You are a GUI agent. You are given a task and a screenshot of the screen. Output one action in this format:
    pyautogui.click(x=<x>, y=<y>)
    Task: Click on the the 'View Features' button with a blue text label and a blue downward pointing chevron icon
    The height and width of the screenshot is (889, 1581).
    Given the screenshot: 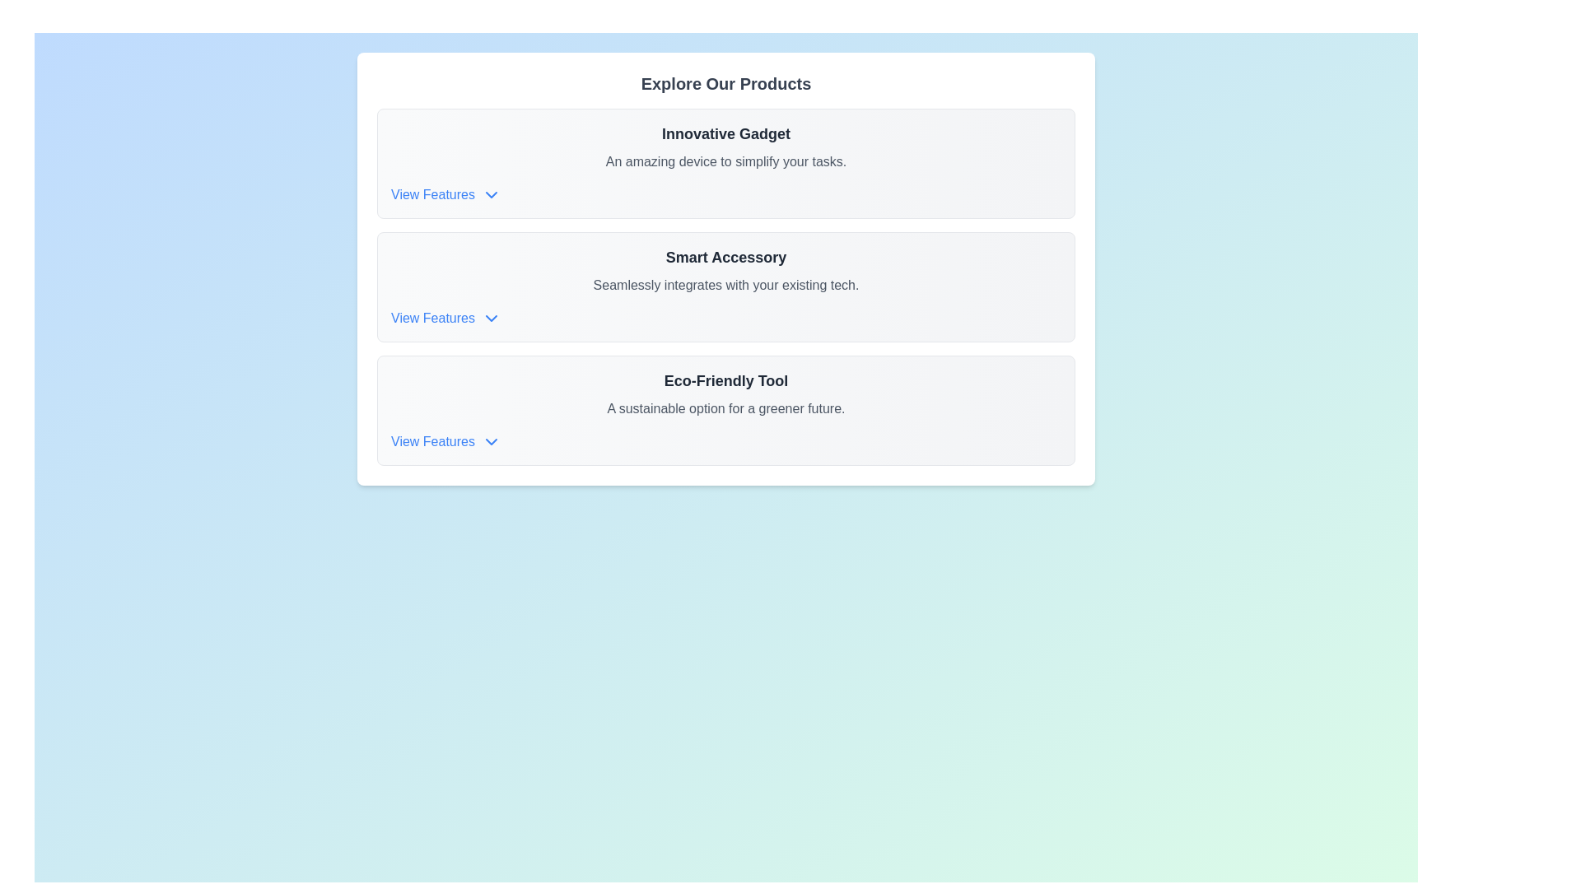 What is the action you would take?
    pyautogui.click(x=446, y=193)
    